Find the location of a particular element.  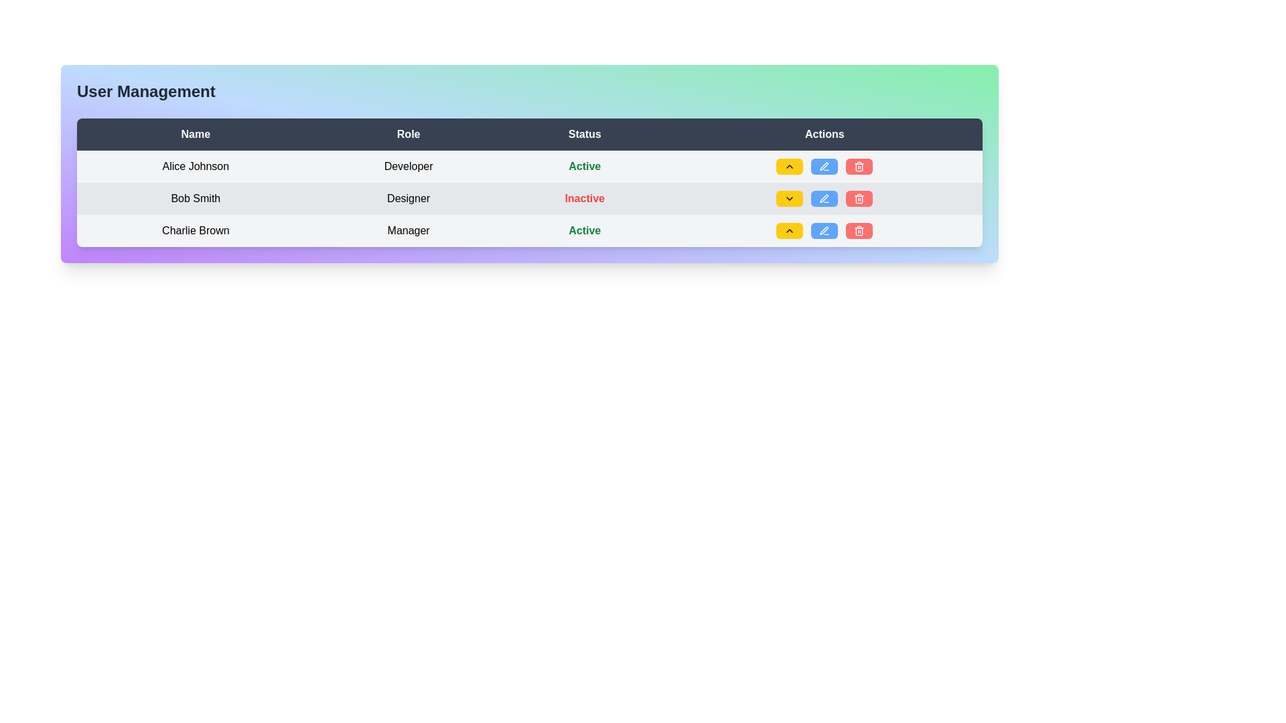

the yellow button with a downward-facing chevron icon in the 'Actions' column of the table row for user 'Bob Smith' is located at coordinates (790, 199).